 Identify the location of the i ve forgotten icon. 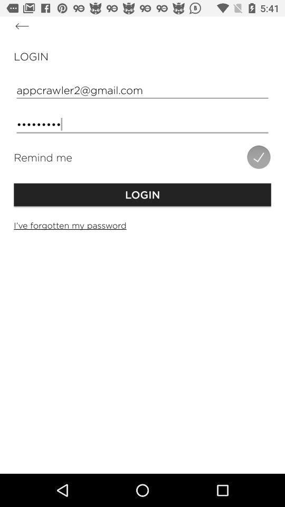
(142, 225).